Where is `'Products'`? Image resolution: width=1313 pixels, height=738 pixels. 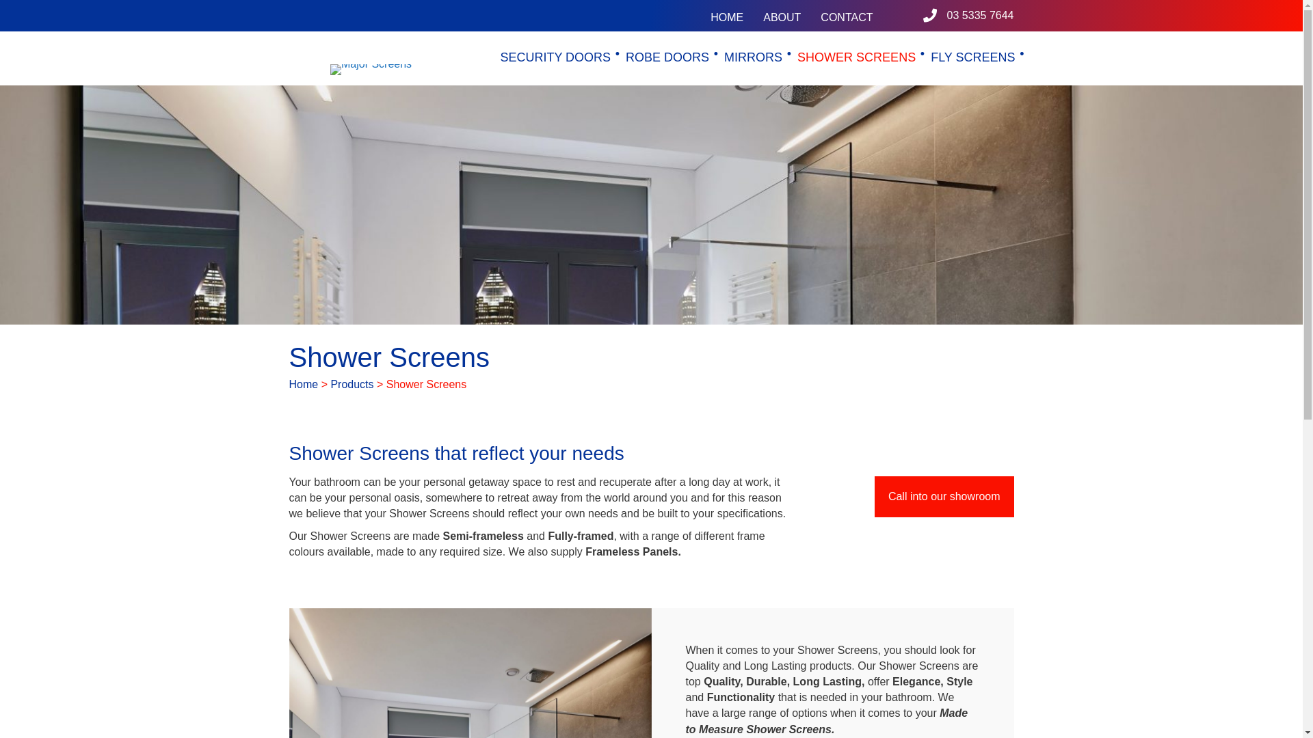
'Products' is located at coordinates (352, 384).